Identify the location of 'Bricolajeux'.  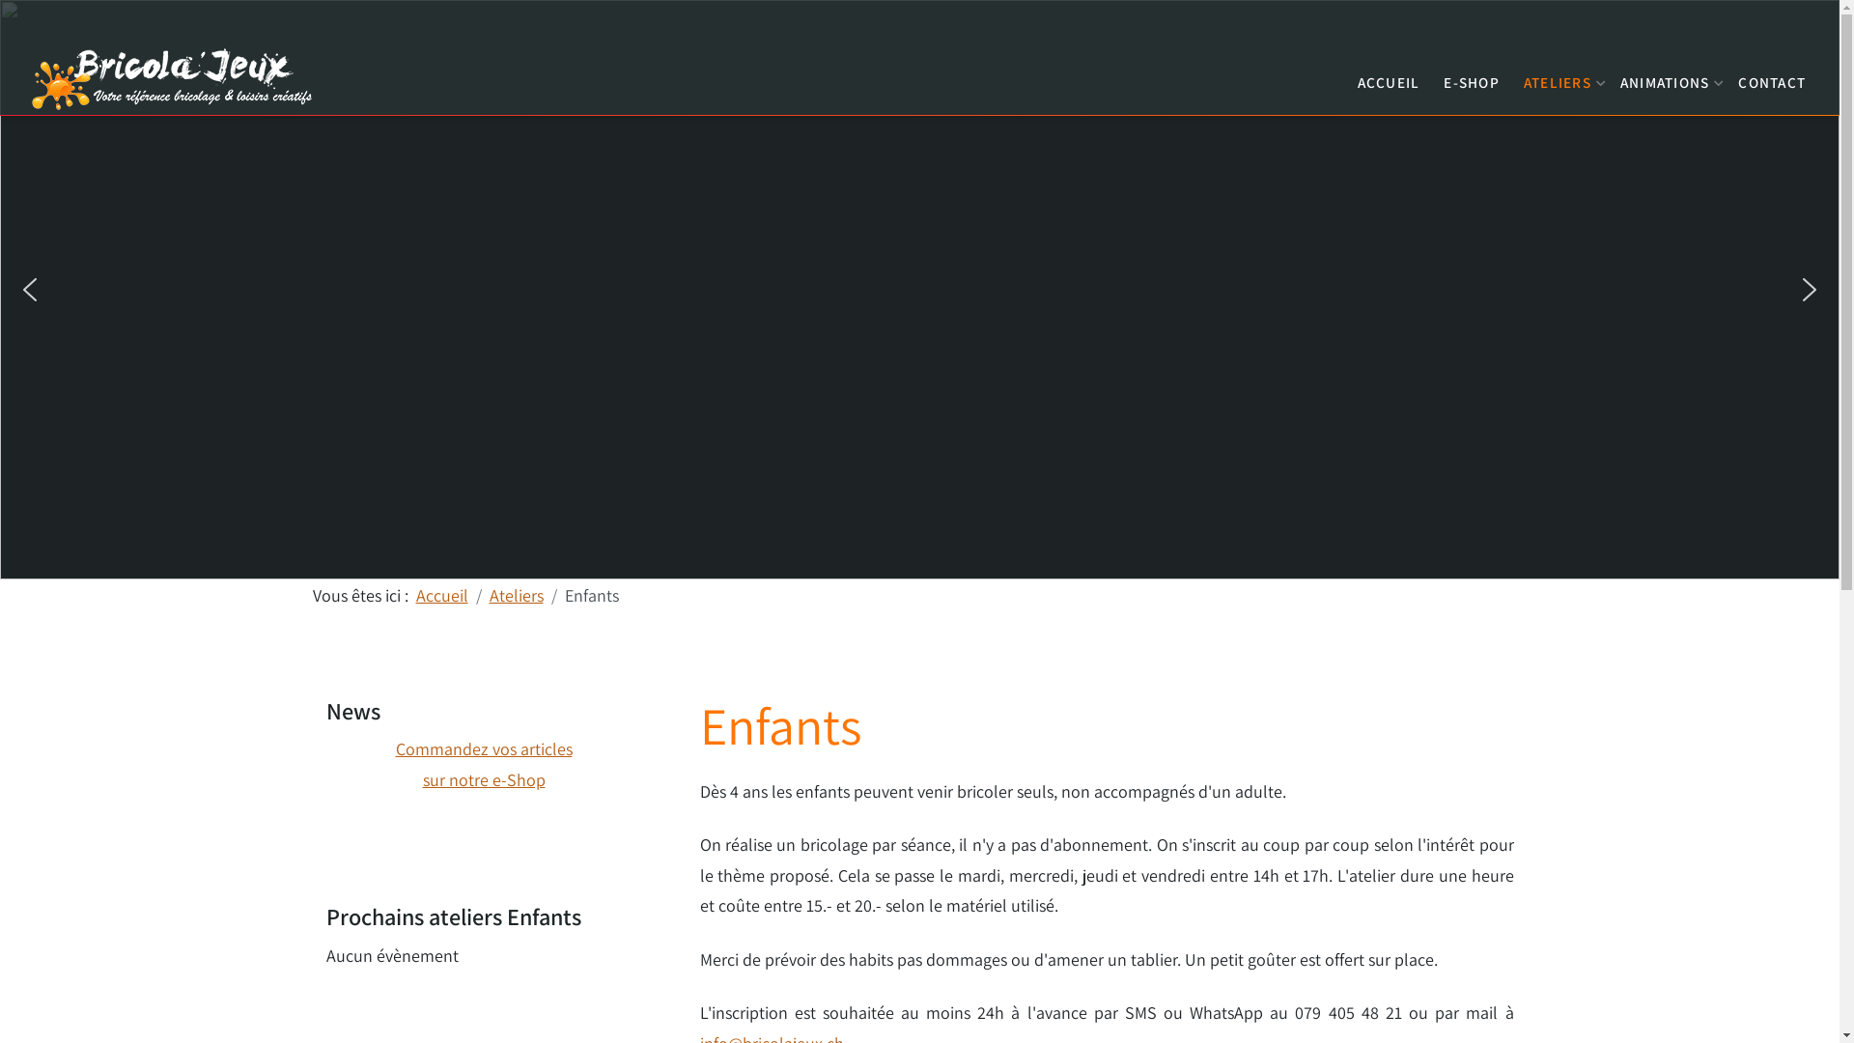
(174, 75).